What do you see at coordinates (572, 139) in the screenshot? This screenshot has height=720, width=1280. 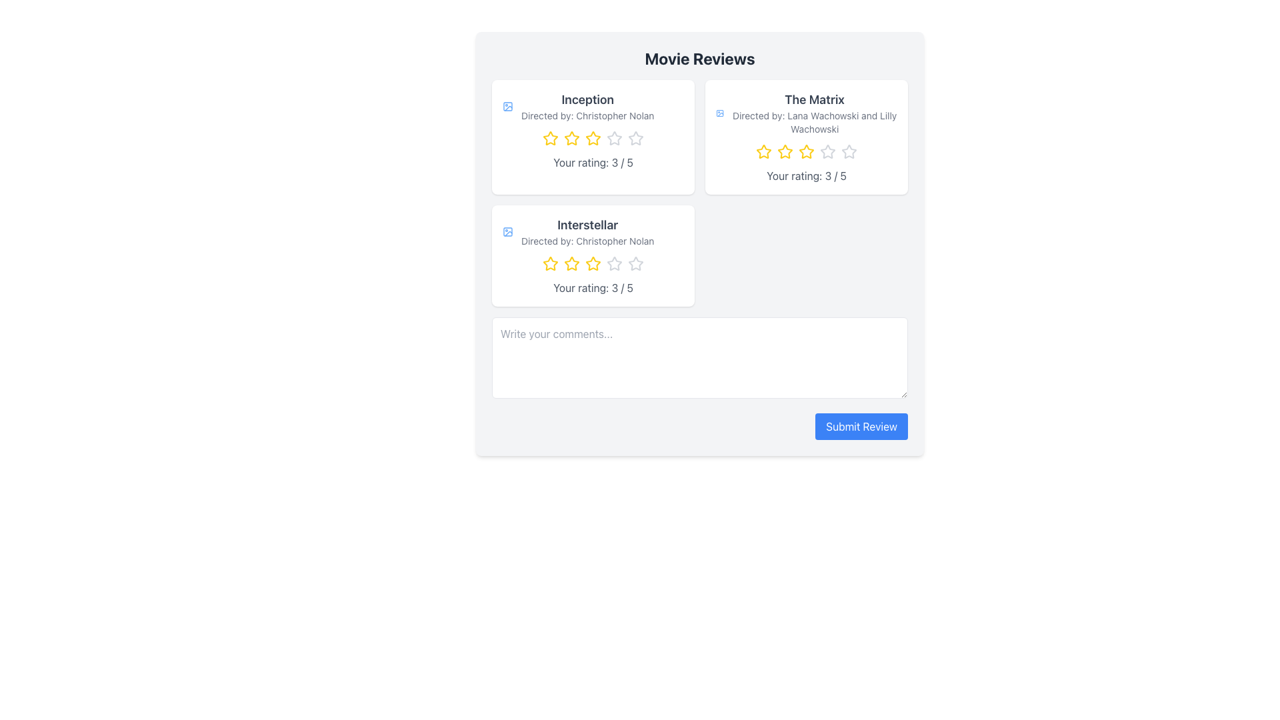 I see `the second yellow star-shaped Rating Icon under the title 'Inception' to rate it` at bounding box center [572, 139].